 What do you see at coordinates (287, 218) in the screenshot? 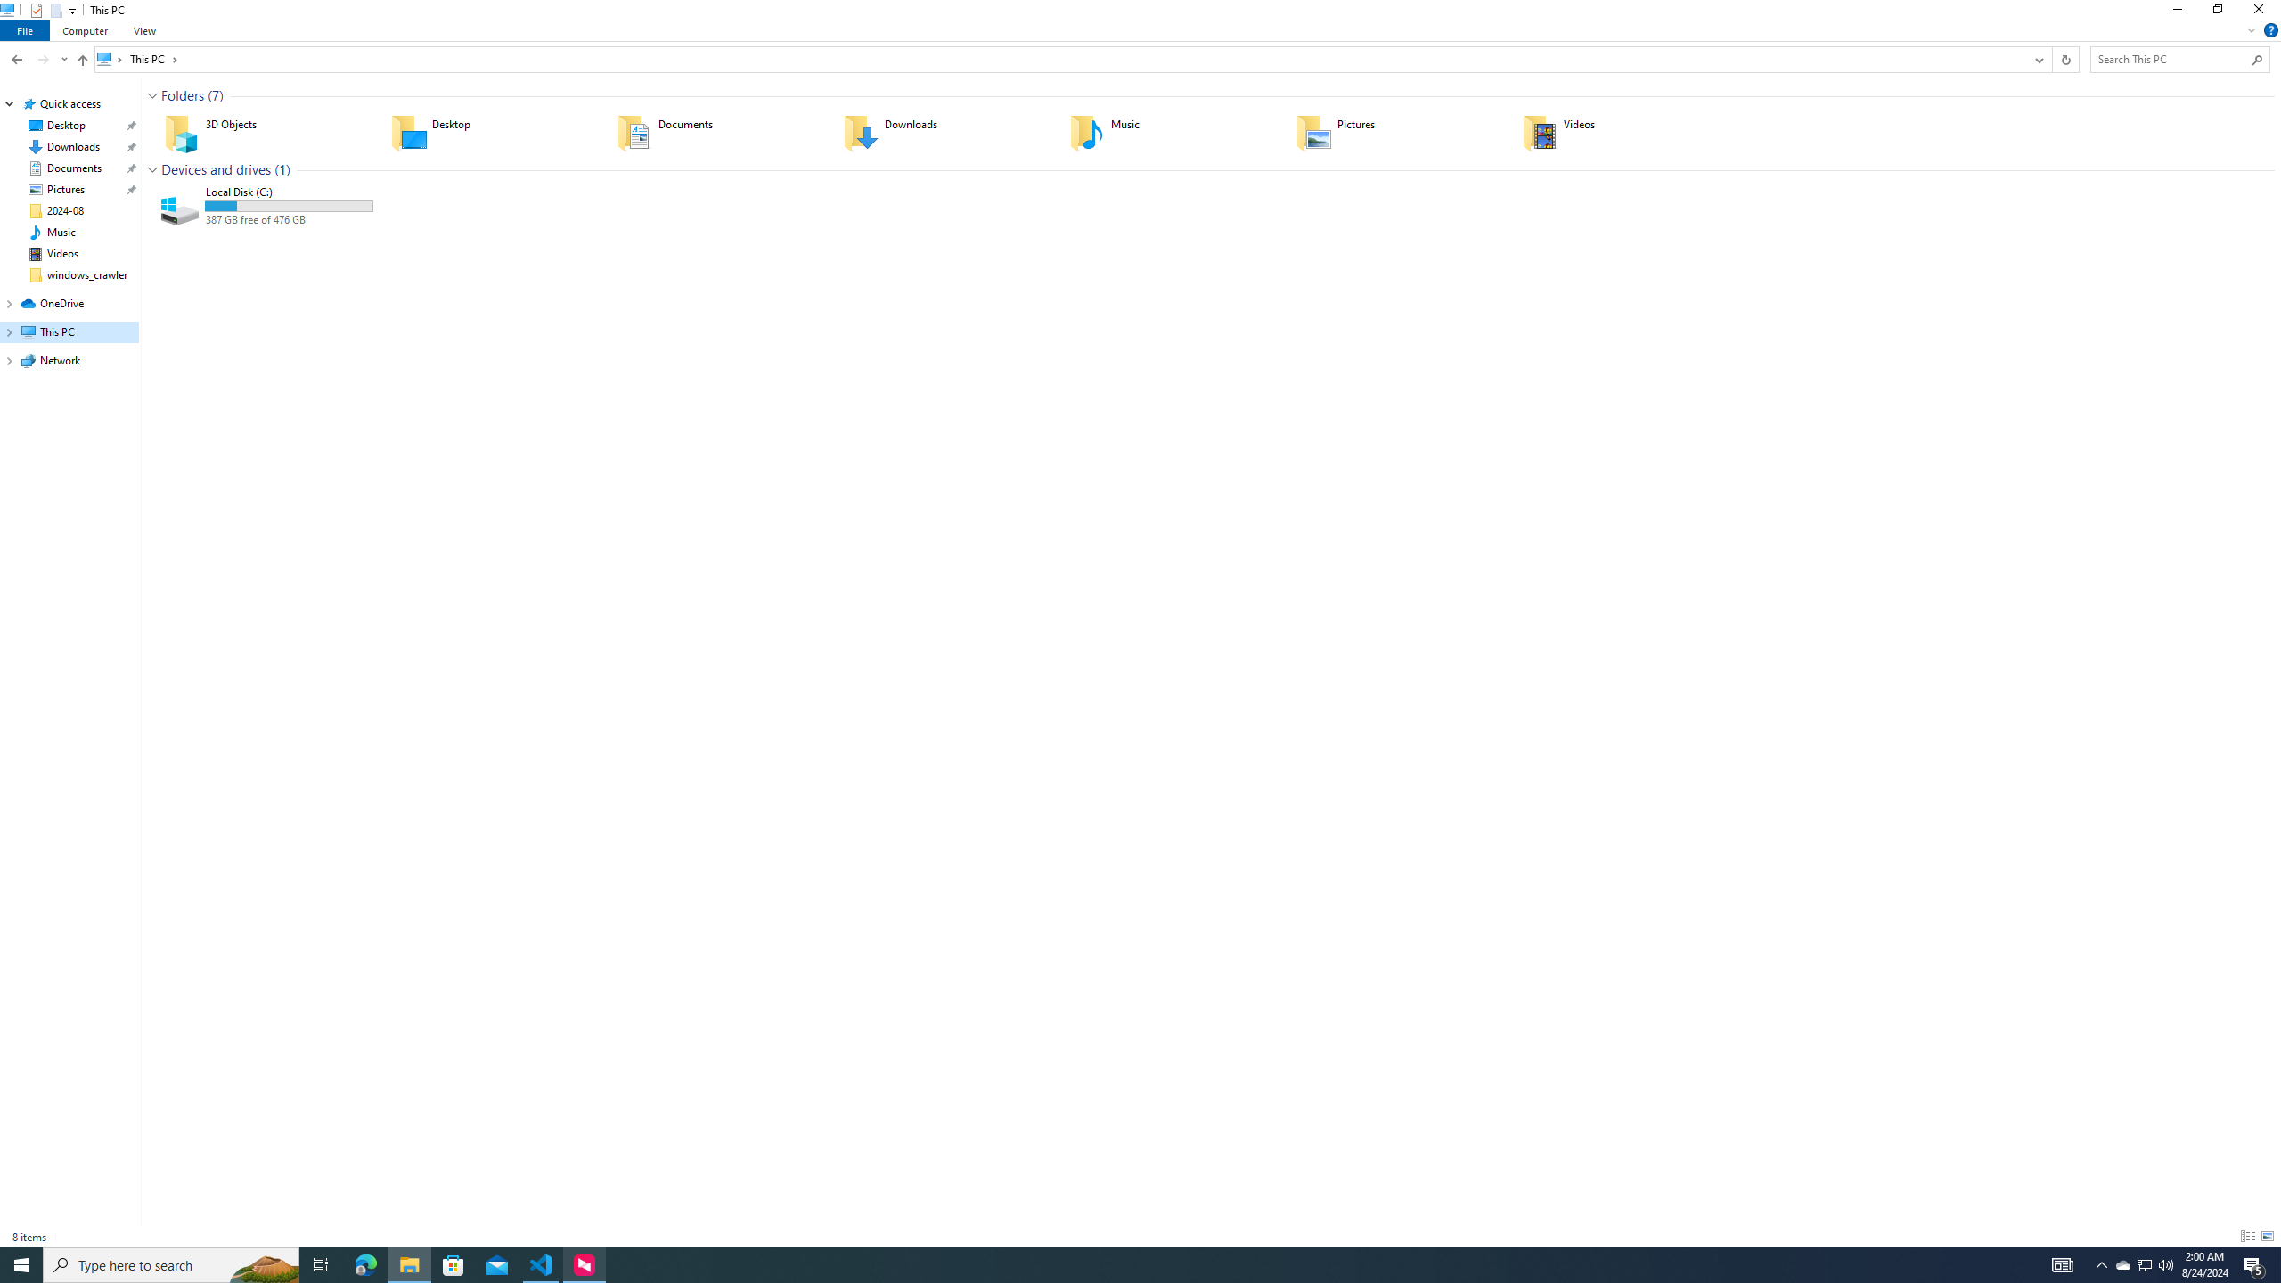
I see `'Available space'` at bounding box center [287, 218].